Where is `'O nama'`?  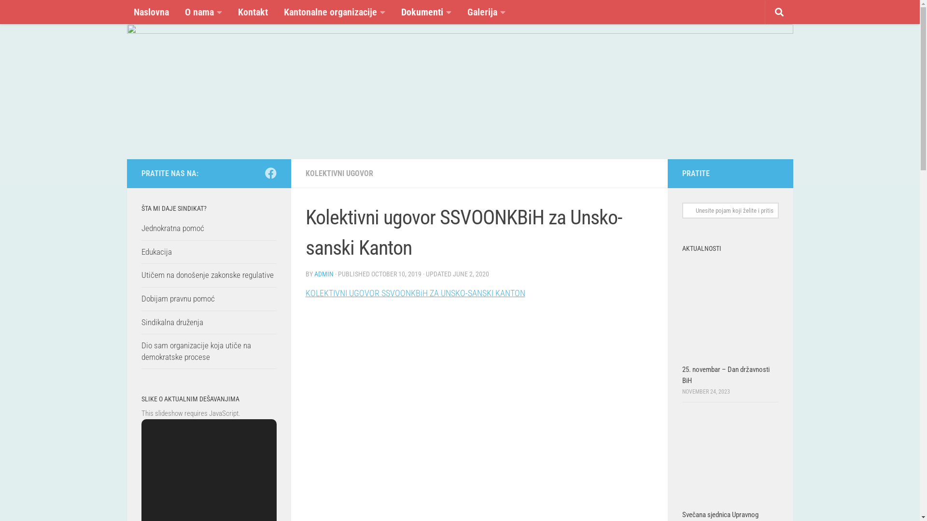 'O nama' is located at coordinates (202, 12).